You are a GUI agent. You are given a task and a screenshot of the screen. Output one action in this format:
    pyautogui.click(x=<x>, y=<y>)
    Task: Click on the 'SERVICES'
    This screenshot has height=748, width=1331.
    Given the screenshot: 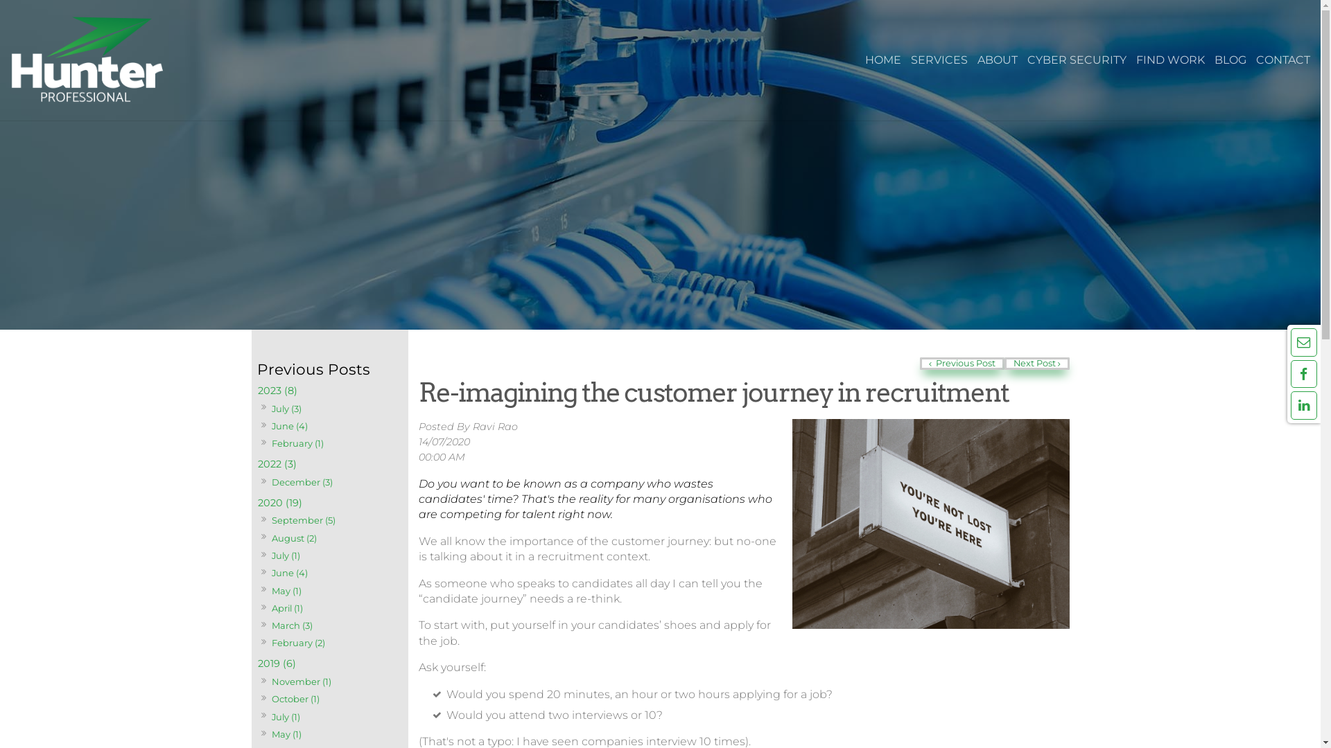 What is the action you would take?
    pyautogui.click(x=939, y=60)
    